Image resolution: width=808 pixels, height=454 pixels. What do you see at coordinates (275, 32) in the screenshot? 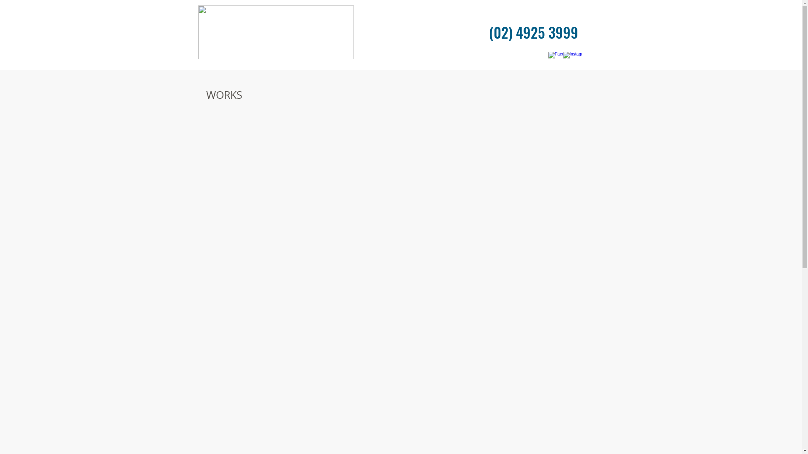
I see `'High Res.png'` at bounding box center [275, 32].